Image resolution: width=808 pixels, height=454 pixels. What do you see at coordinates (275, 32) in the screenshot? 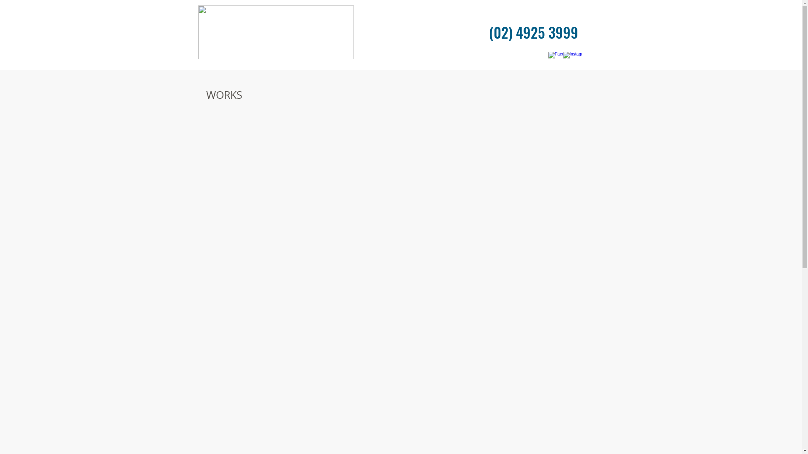
I see `'High Res.png'` at bounding box center [275, 32].